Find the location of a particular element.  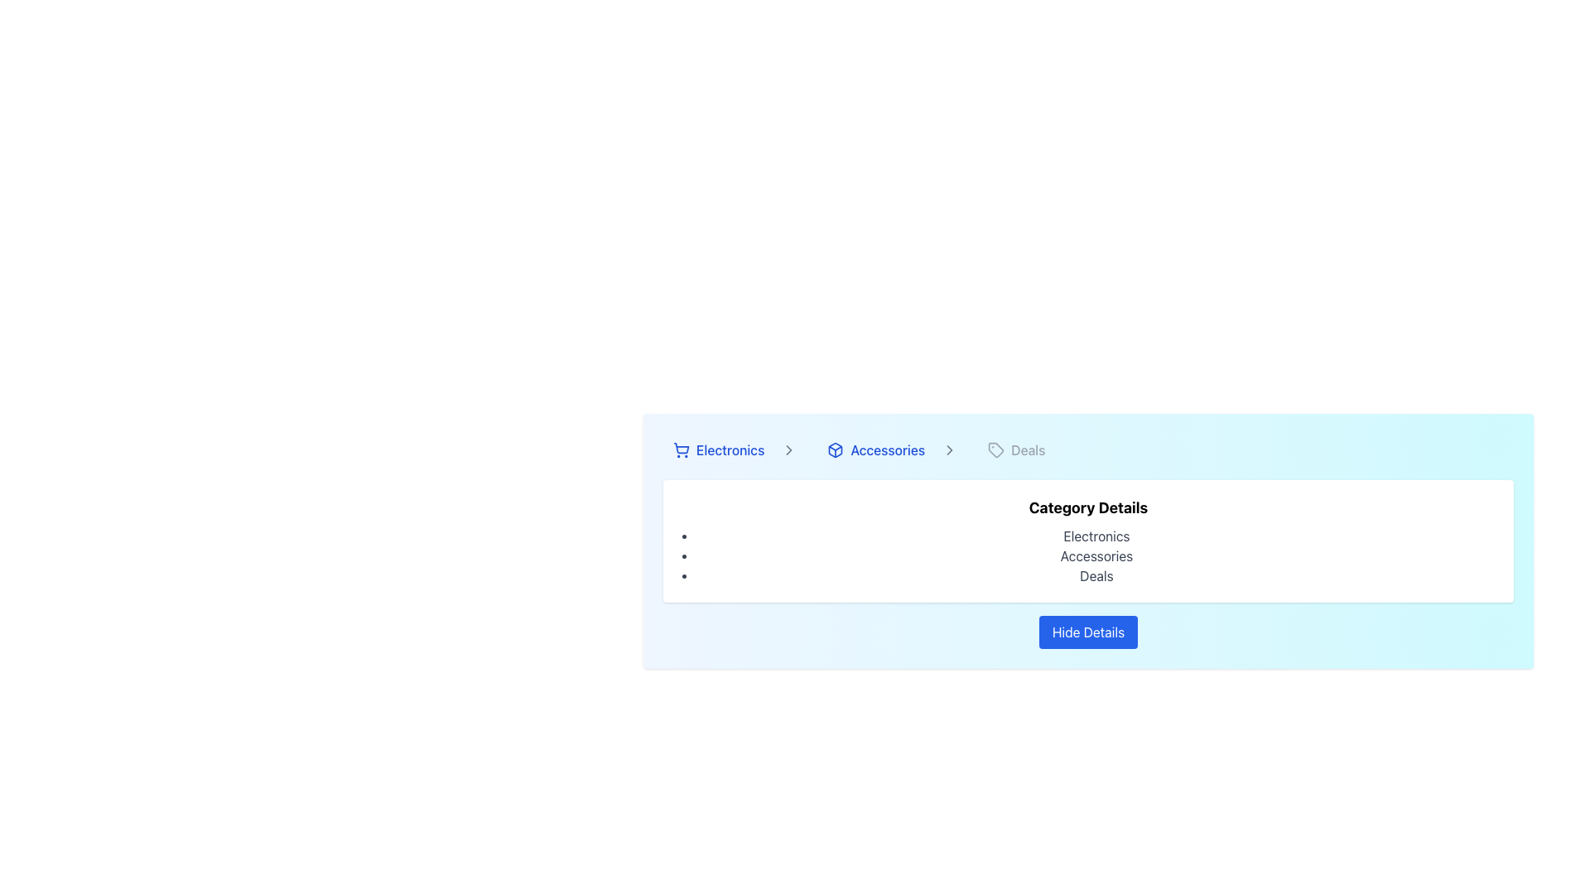

the shopping cart icon in the breadcrumb navigation bar to trigger the tooltip is located at coordinates (682, 448).